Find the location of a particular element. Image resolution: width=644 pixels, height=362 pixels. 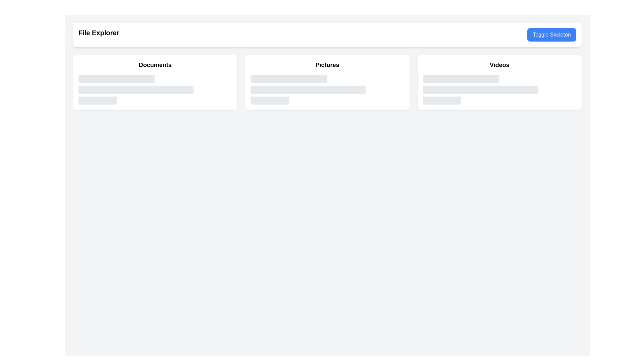

the first Placeholder Bar element in the 'Pictures' section, which is a light gray, horizontally-oriented rectangular bar with rounded edges is located at coordinates (289, 78).